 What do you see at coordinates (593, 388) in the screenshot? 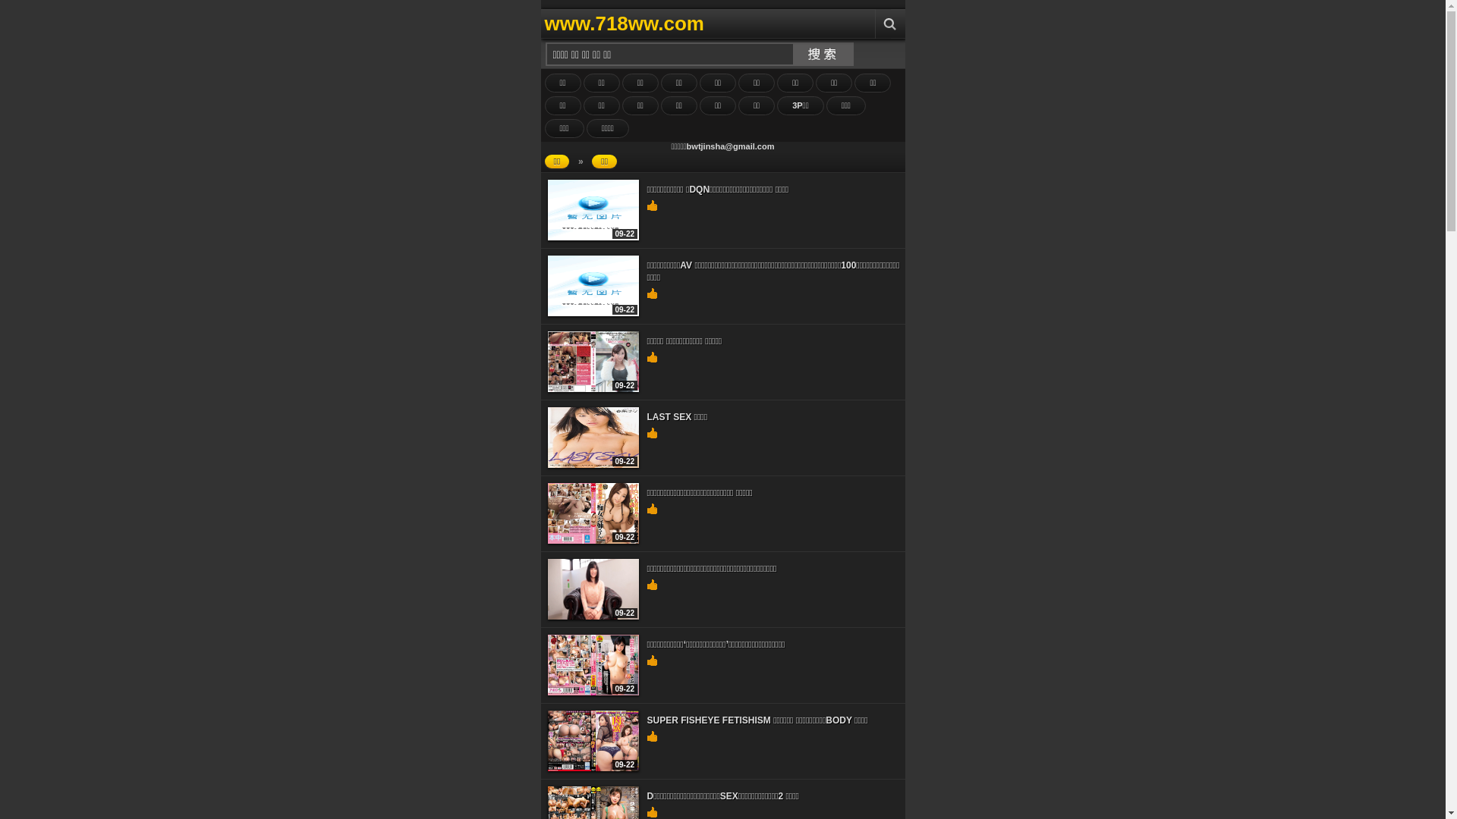
I see `'09-22'` at bounding box center [593, 388].